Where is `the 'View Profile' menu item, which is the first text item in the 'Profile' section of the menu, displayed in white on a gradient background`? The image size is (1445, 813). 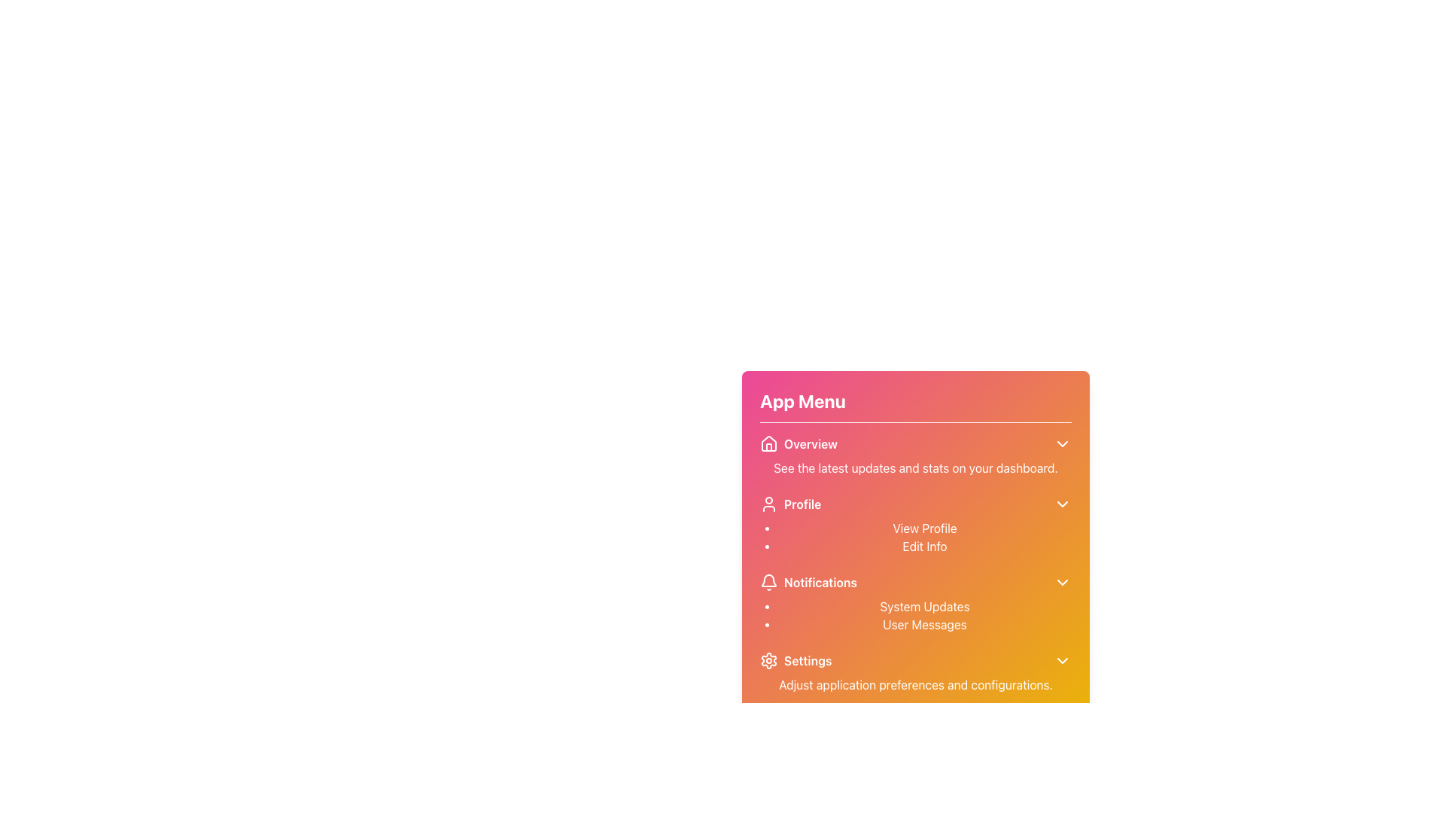 the 'View Profile' menu item, which is the first text item in the 'Profile' section of the menu, displayed in white on a gradient background is located at coordinates (923, 528).